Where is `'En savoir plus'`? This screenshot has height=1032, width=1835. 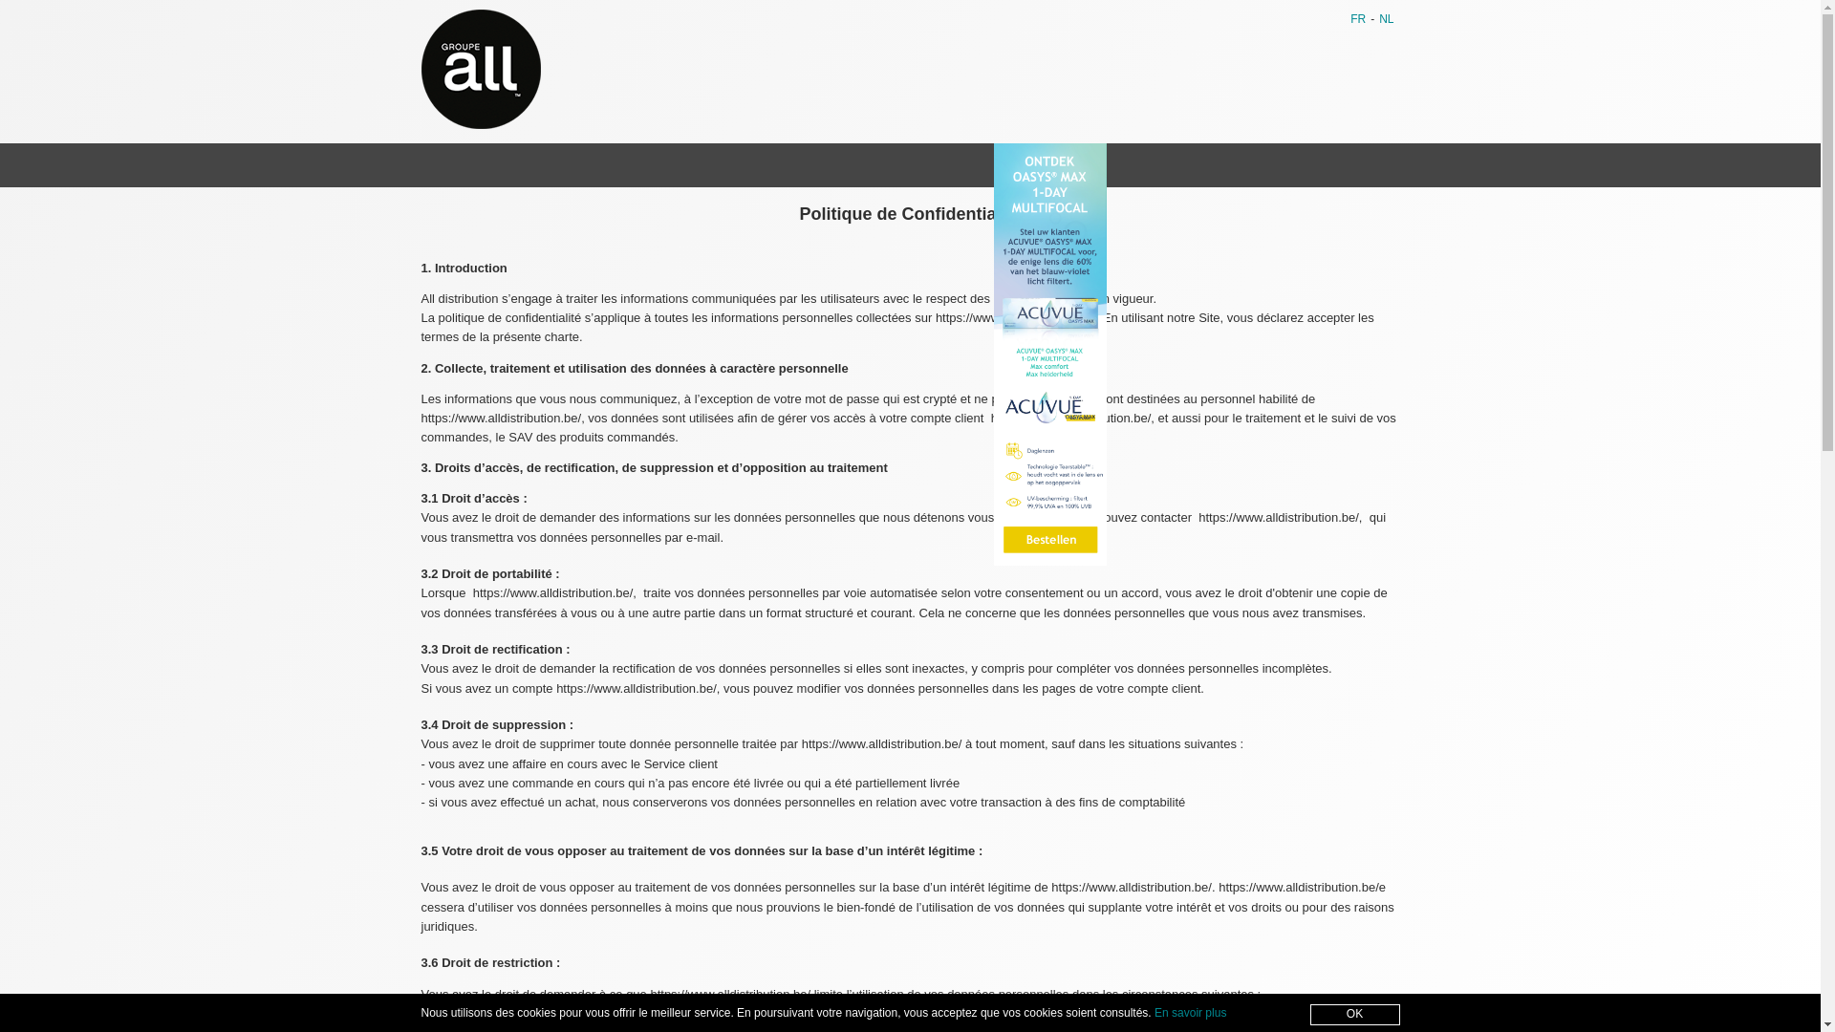 'En savoir plus' is located at coordinates (1189, 1012).